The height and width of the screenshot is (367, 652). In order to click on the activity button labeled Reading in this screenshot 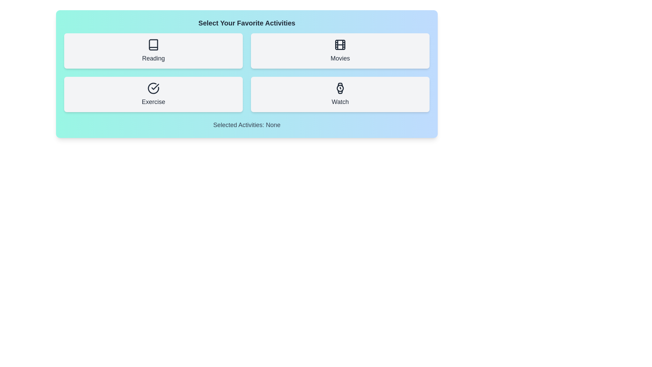, I will do `click(153, 51)`.